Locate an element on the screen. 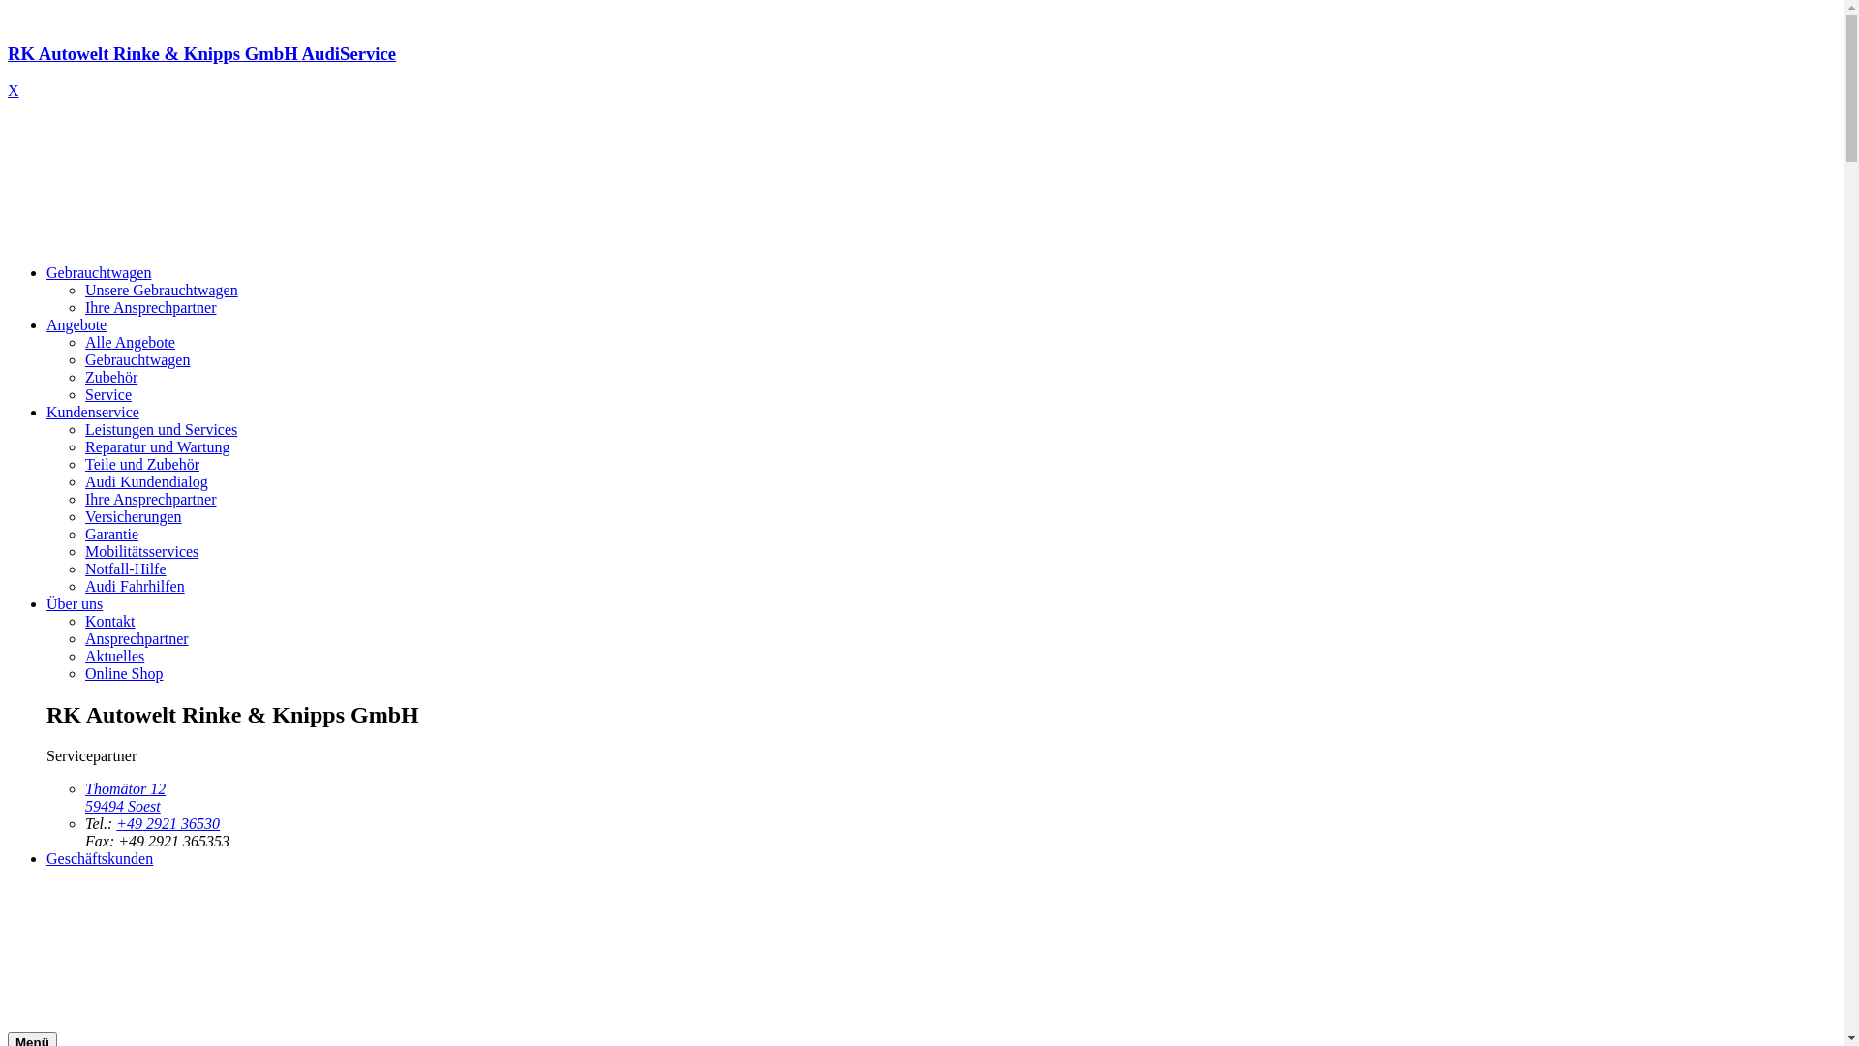  'Garantie' is located at coordinates (110, 534).